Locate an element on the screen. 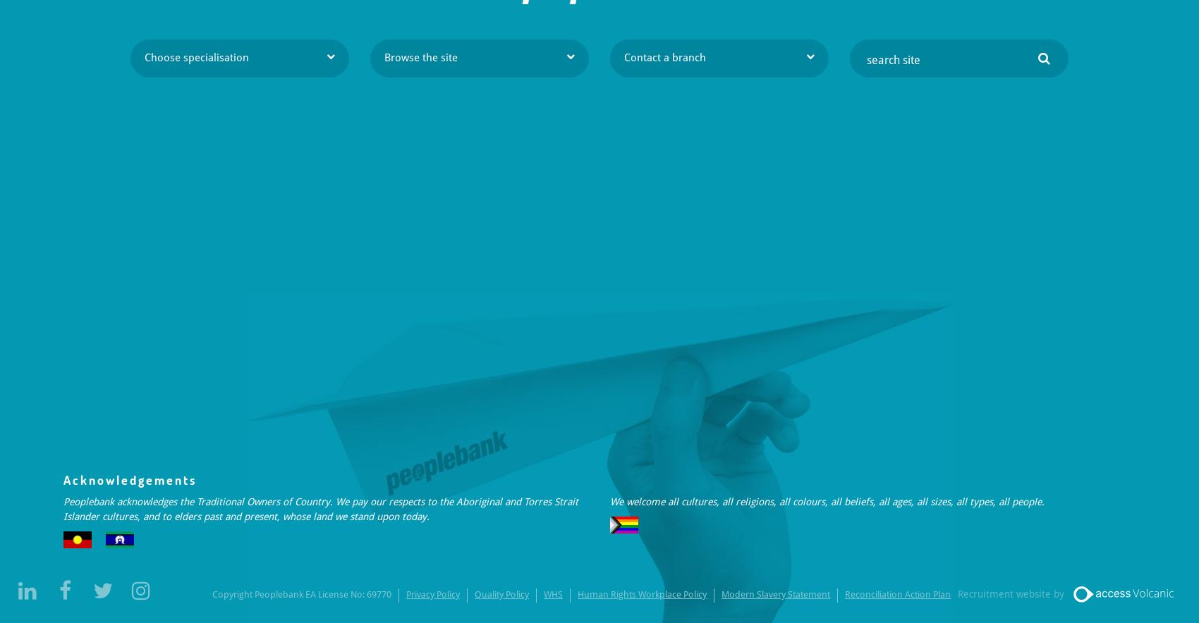  'Quality Policy' is located at coordinates (475, 594).